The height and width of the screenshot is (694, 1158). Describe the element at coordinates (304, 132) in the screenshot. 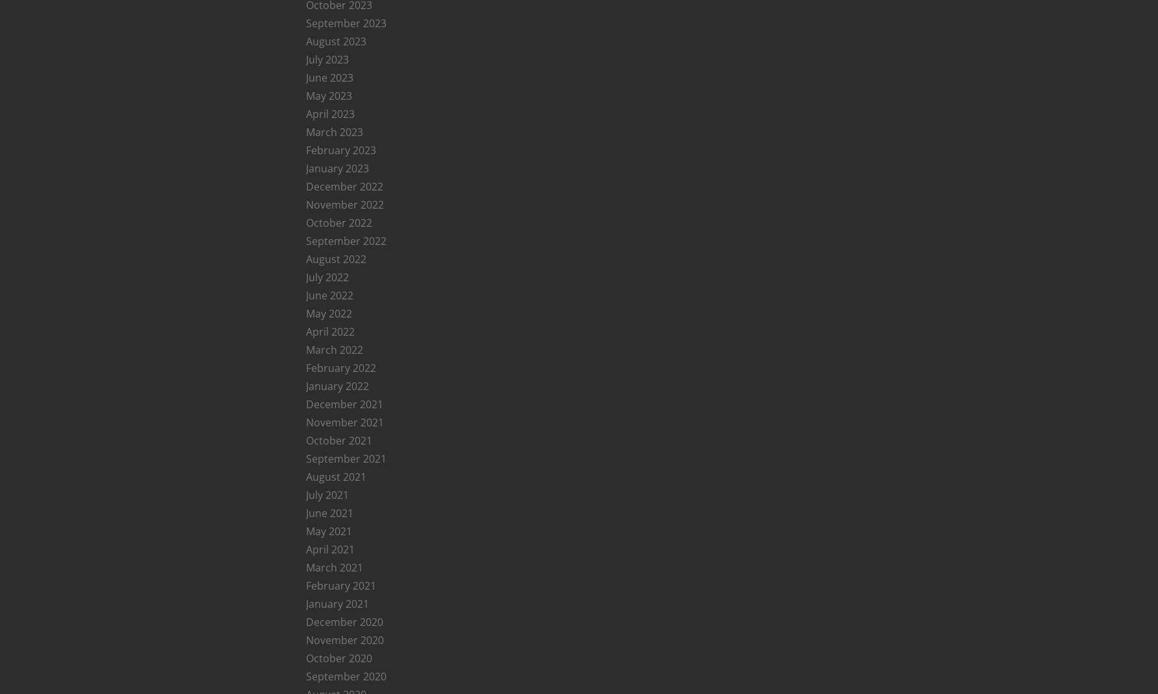

I see `'March 2023'` at that location.